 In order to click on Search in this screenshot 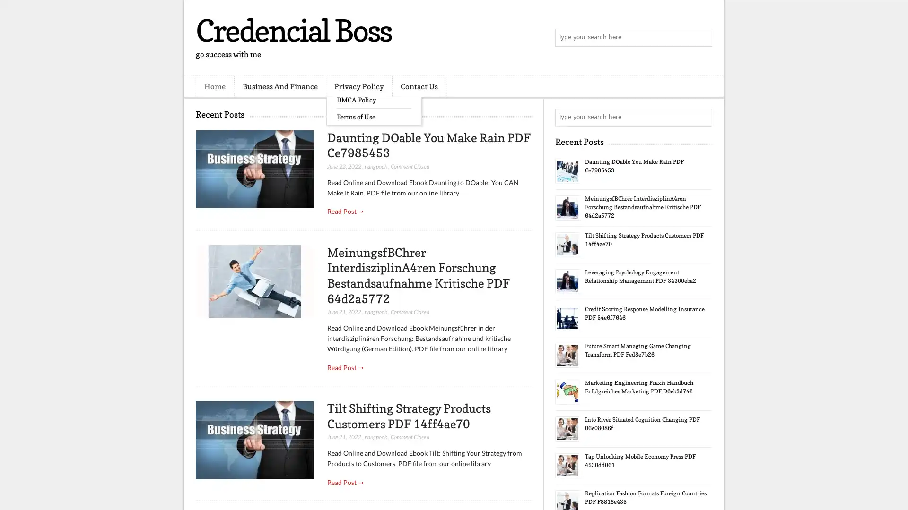, I will do `click(702, 117)`.